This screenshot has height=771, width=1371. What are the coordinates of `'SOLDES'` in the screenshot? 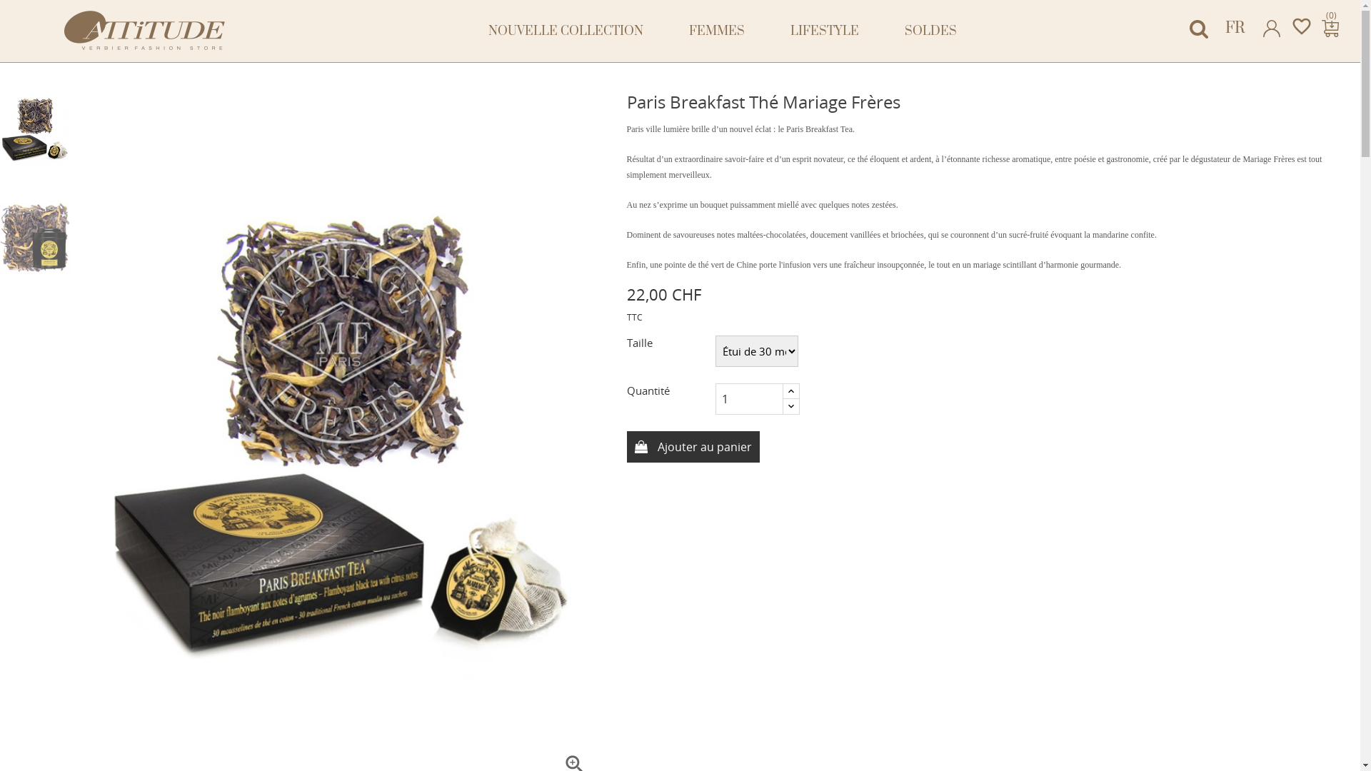 It's located at (930, 31).